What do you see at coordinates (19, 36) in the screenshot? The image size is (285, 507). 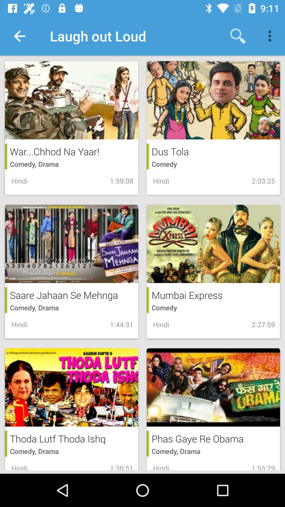 I see `the icon to the left of laugh out loud` at bounding box center [19, 36].